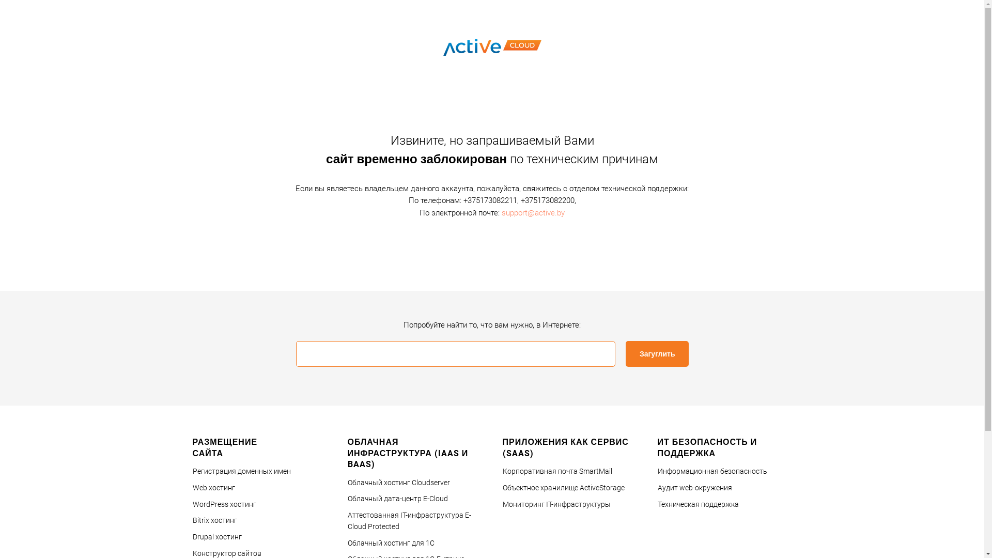 Image resolution: width=992 pixels, height=558 pixels. I want to click on '+375173082200', so click(521, 200).